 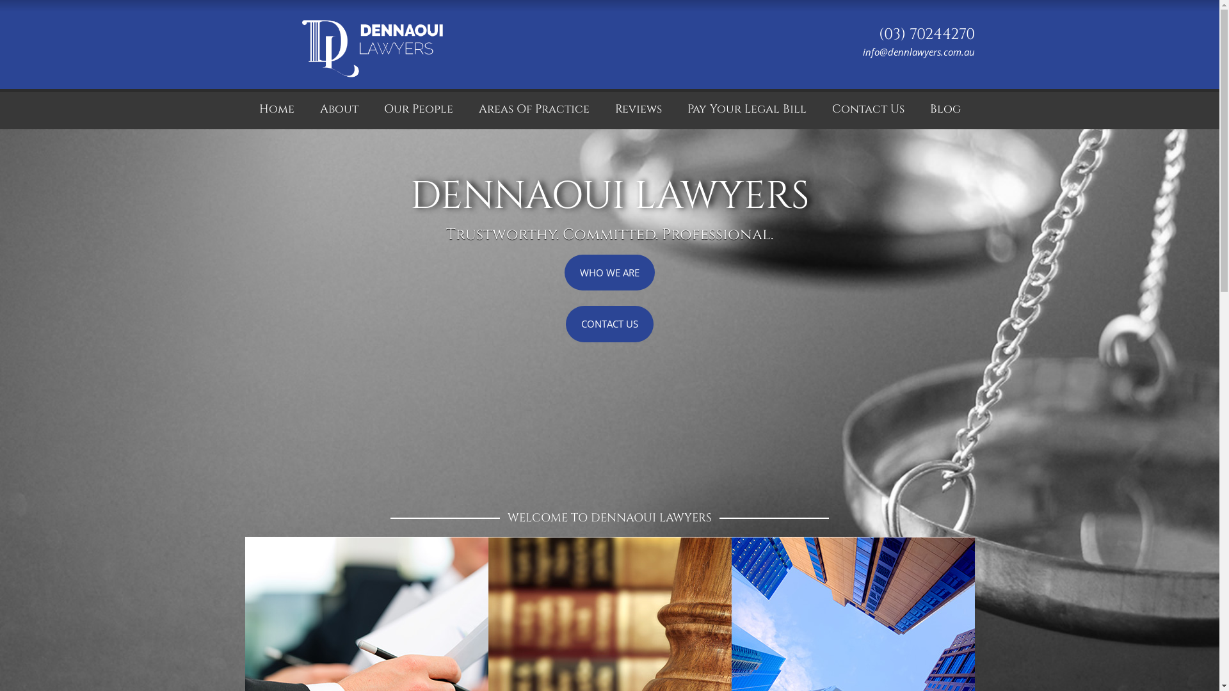 What do you see at coordinates (371, 108) in the screenshot?
I see `'Our People'` at bounding box center [371, 108].